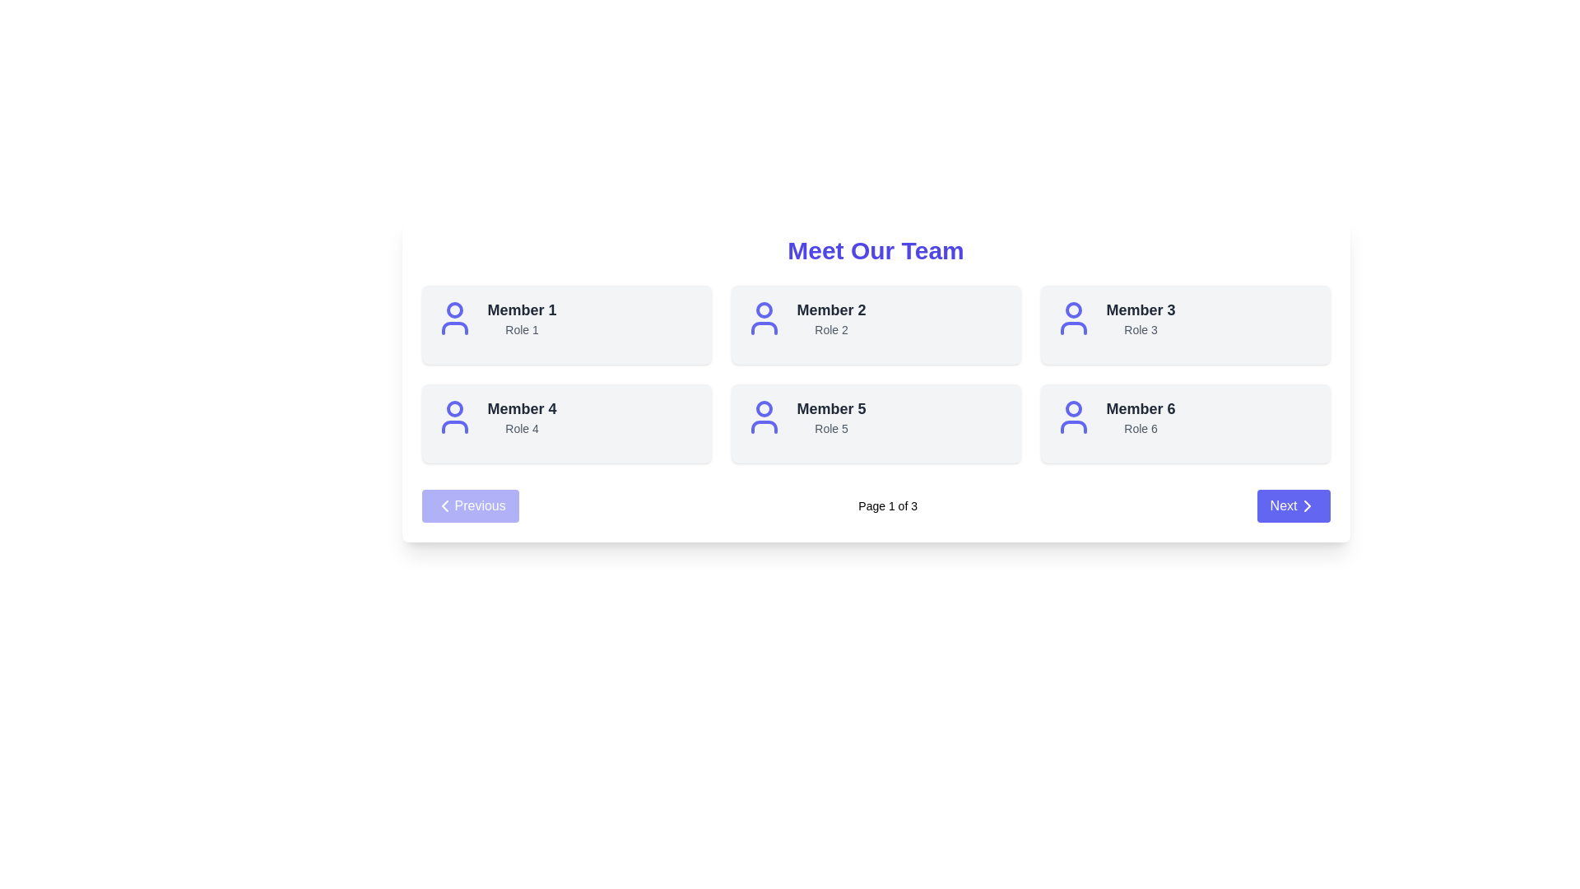  What do you see at coordinates (1185, 318) in the screenshot?
I see `the Profile summary card representing 'Member 3', located in the top-right quadrant of the grid layout` at bounding box center [1185, 318].